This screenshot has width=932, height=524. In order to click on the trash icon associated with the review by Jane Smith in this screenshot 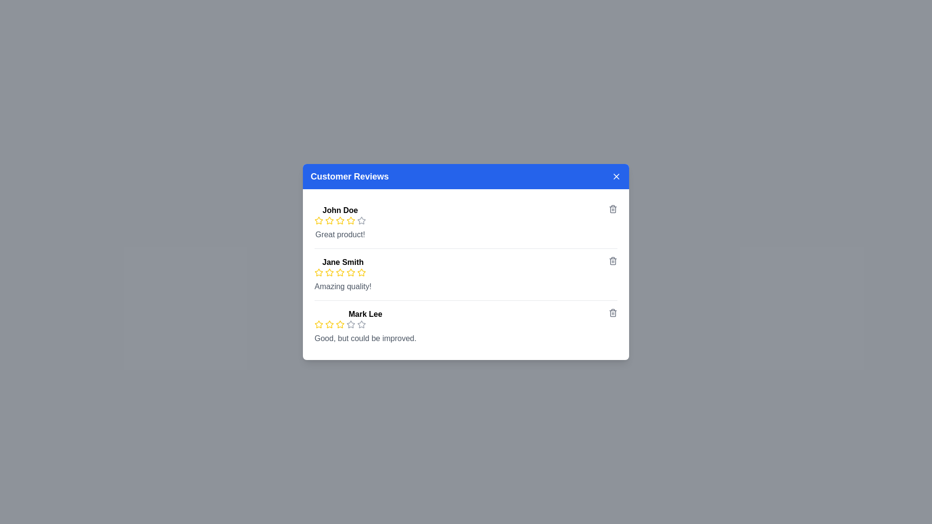, I will do `click(612, 260)`.